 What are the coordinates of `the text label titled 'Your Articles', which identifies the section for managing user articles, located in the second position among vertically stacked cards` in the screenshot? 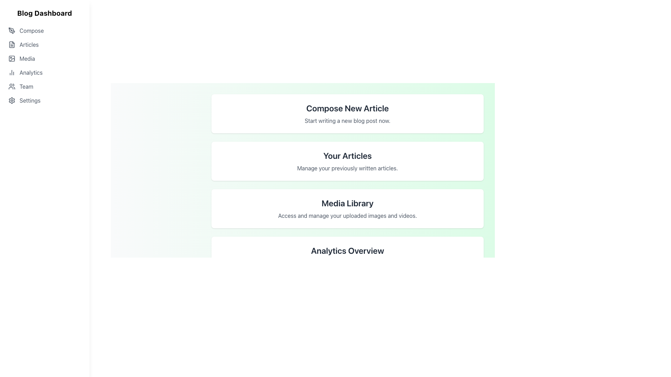 It's located at (347, 155).